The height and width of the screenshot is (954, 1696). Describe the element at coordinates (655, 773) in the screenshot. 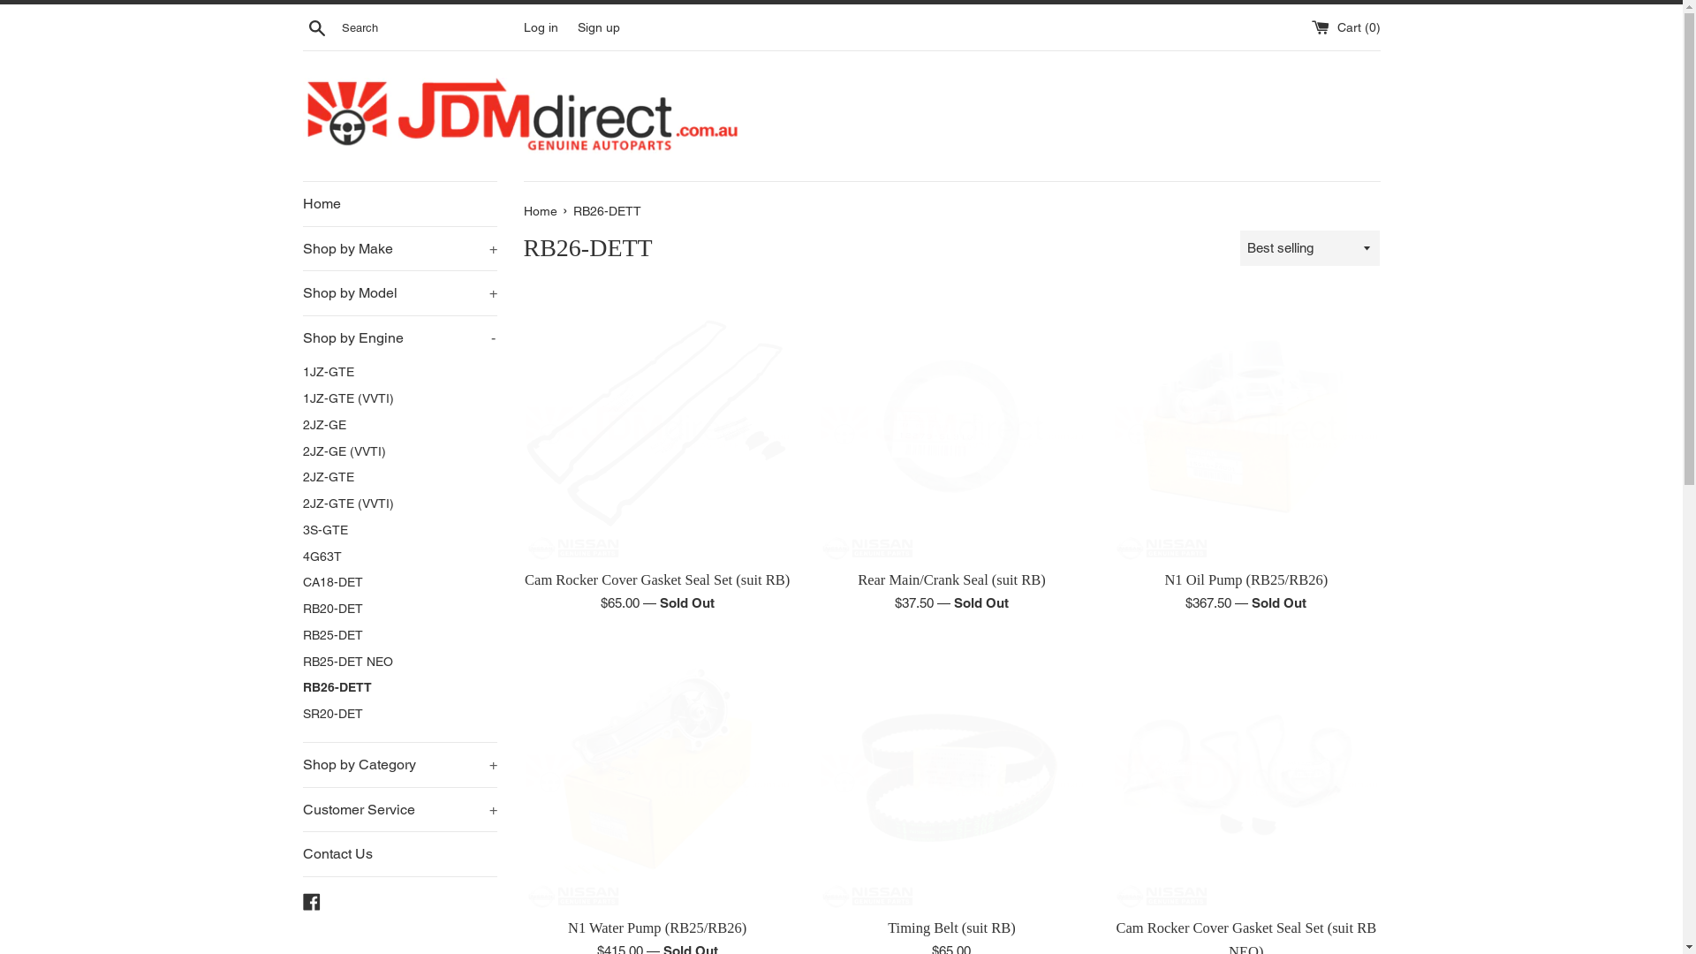

I see `'N1 Water Pump (RB25/RB26)'` at that location.